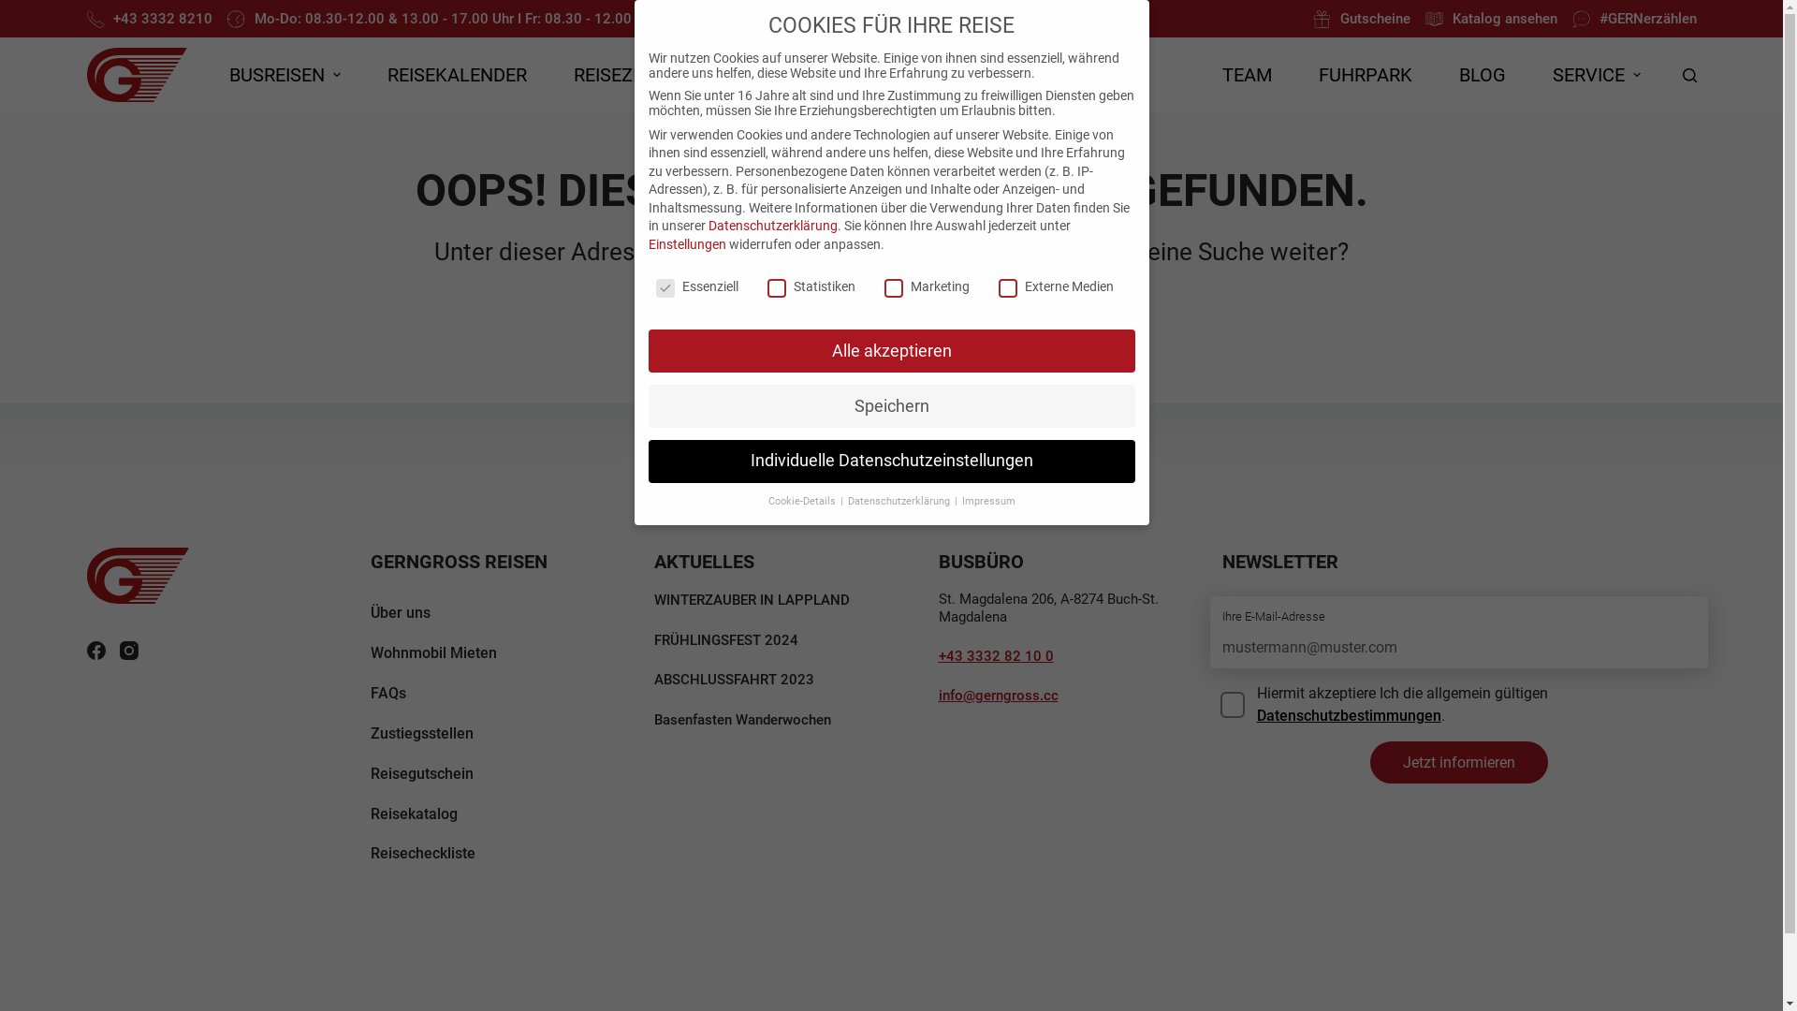 Image resolution: width=1797 pixels, height=1011 pixels. I want to click on 'Reisekatalog', so click(413, 813).